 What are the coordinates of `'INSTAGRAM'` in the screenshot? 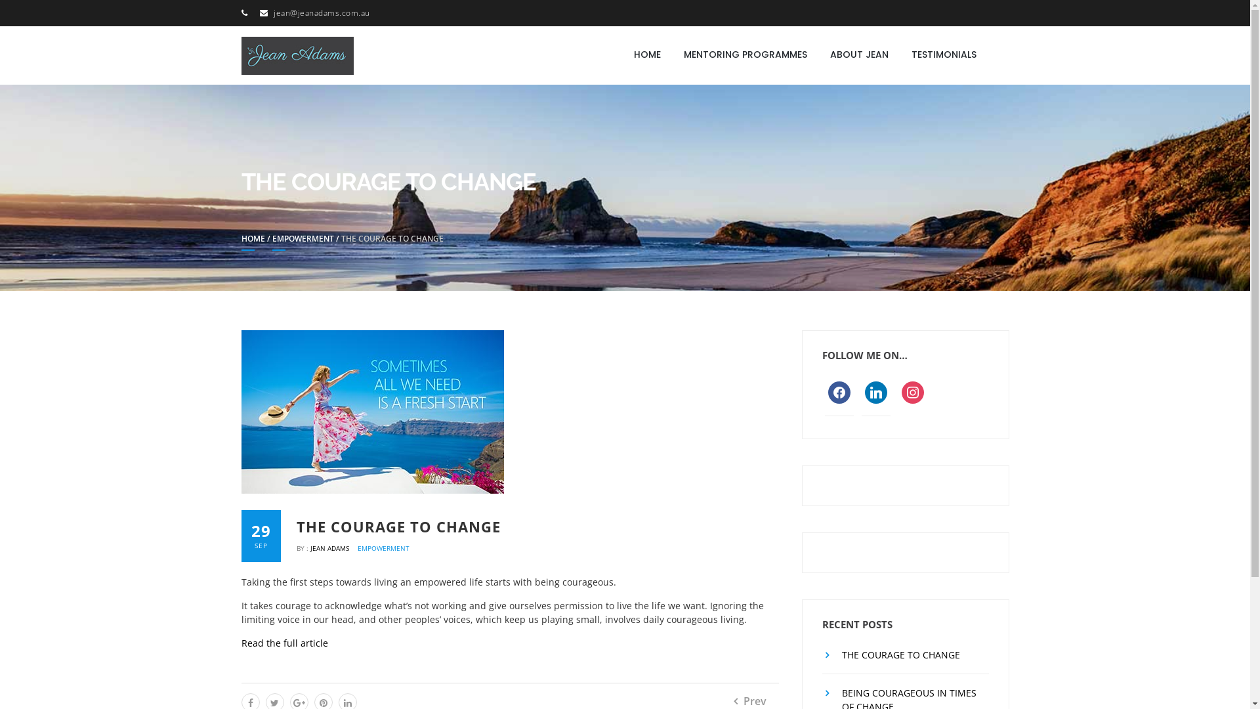 It's located at (912, 391).